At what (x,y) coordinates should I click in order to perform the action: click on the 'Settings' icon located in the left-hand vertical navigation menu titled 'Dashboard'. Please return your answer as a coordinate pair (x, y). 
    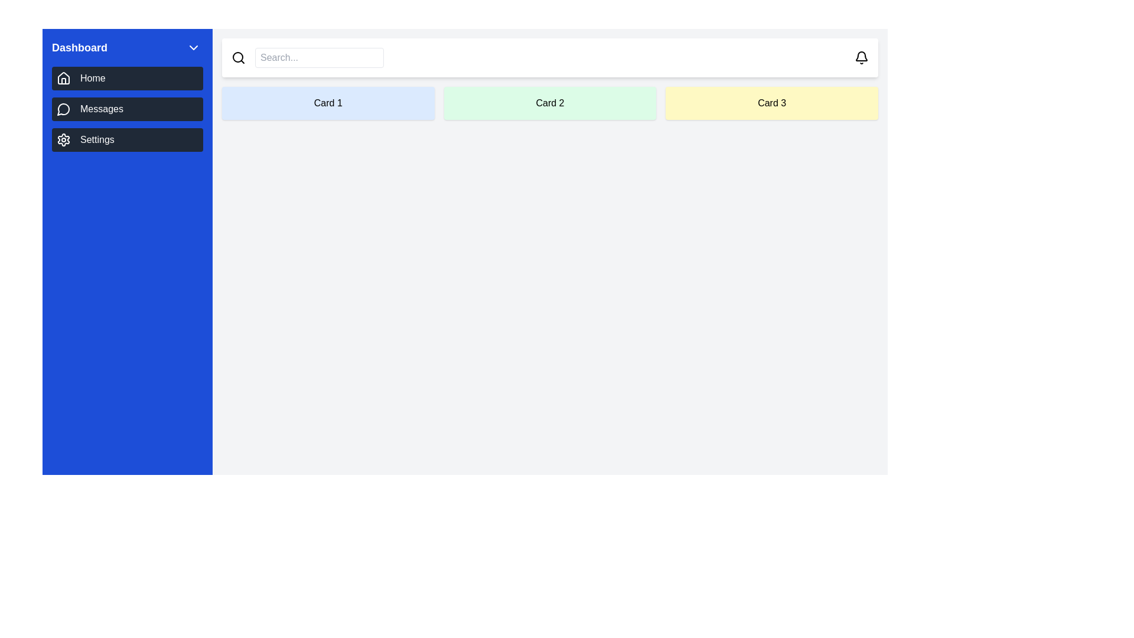
    Looking at the image, I should click on (63, 139).